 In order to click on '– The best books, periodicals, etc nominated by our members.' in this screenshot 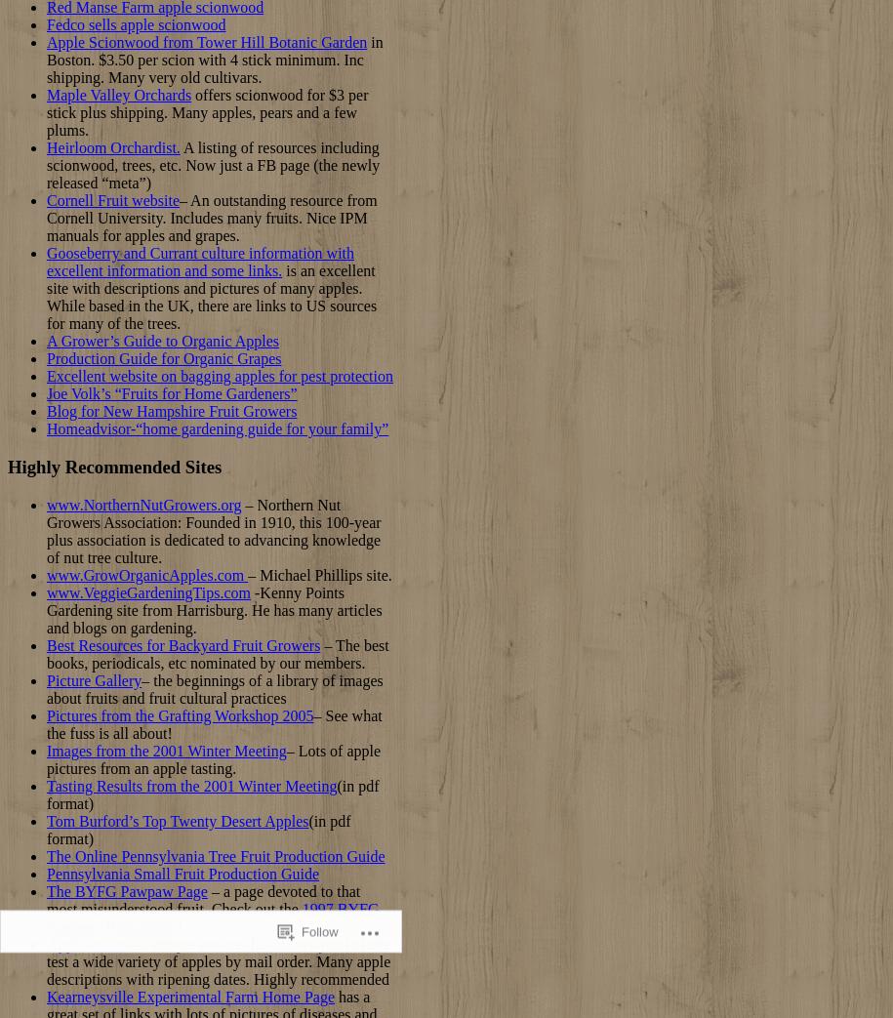, I will do `click(47, 652)`.